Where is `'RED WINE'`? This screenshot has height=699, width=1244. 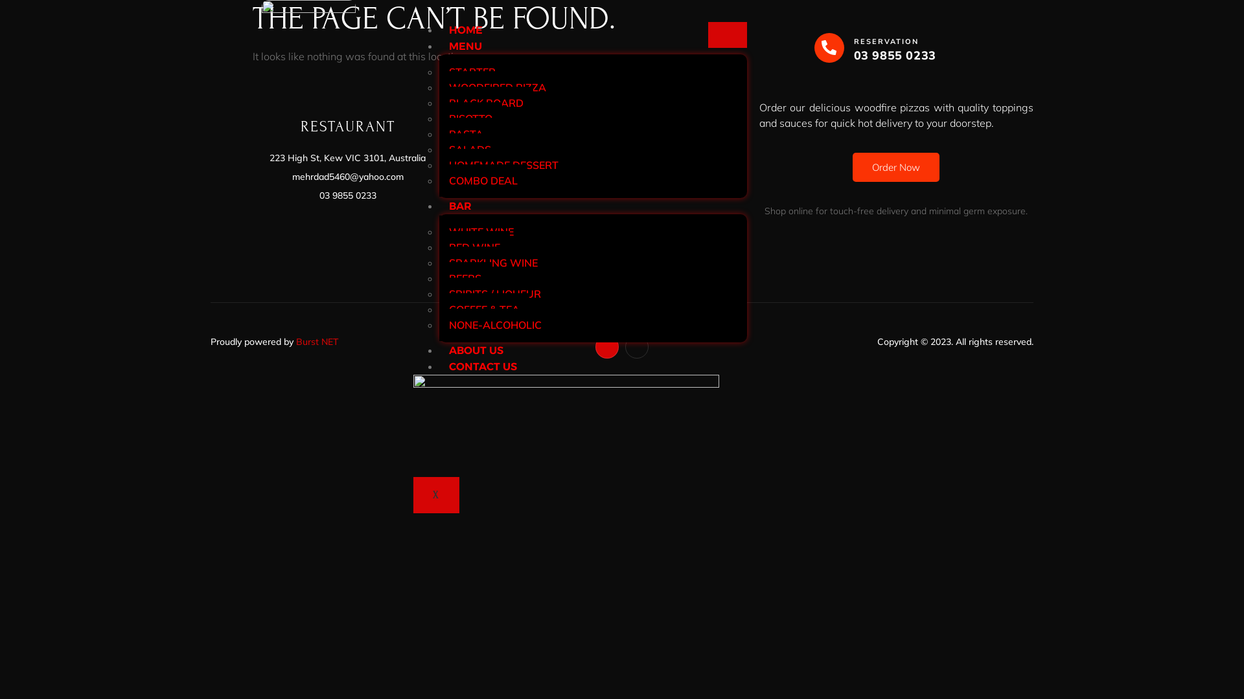 'RED WINE' is located at coordinates (474, 247).